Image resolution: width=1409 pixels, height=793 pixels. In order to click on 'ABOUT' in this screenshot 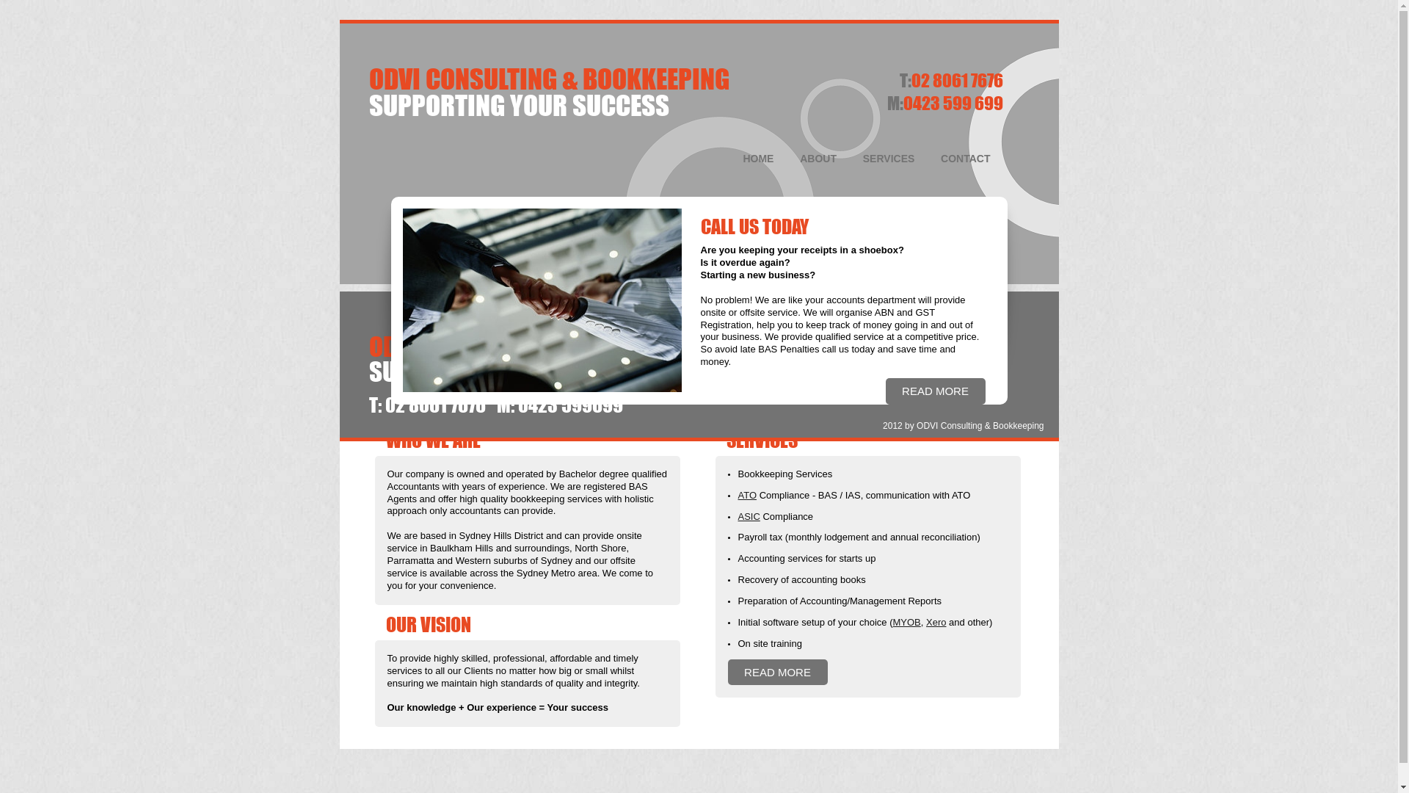, I will do `click(818, 159)`.